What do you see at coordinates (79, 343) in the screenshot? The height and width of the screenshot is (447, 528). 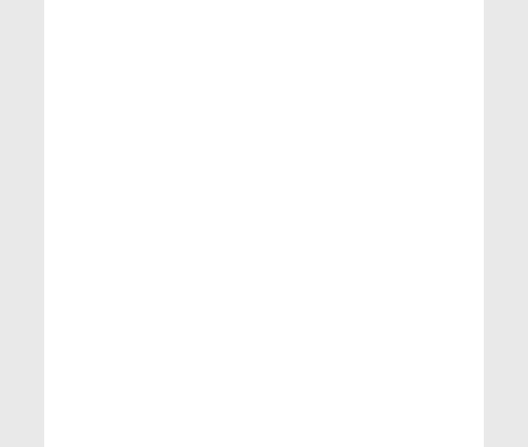 I see `'Volume'` at bounding box center [79, 343].